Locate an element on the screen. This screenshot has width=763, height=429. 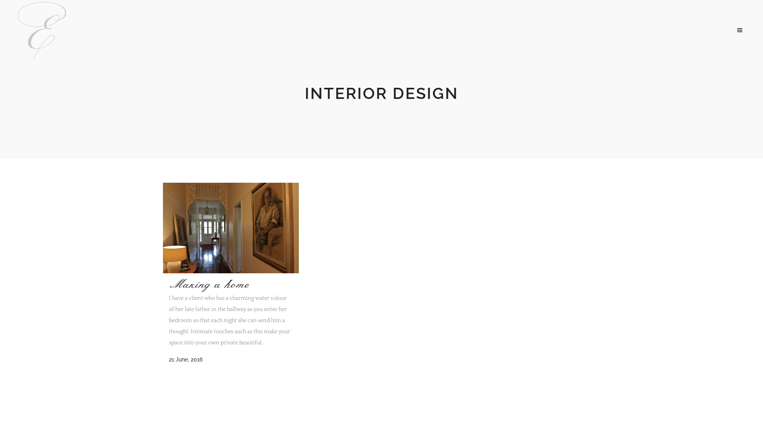
' ' is located at coordinates (734, 29).